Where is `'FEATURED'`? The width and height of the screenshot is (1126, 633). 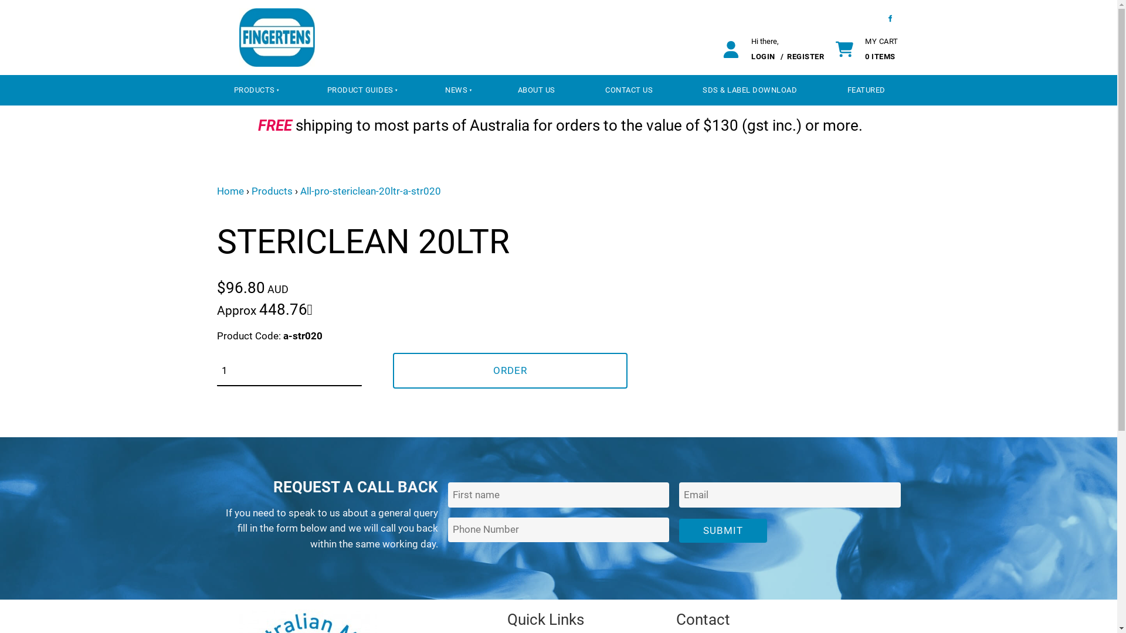
'FEATURED' is located at coordinates (866, 90).